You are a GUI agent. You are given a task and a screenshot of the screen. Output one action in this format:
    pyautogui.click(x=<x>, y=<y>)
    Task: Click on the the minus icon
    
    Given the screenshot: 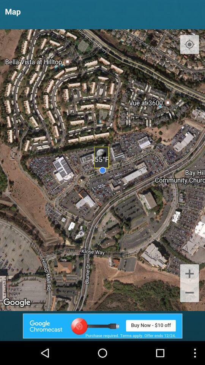 What is the action you would take?
    pyautogui.click(x=189, y=314)
    